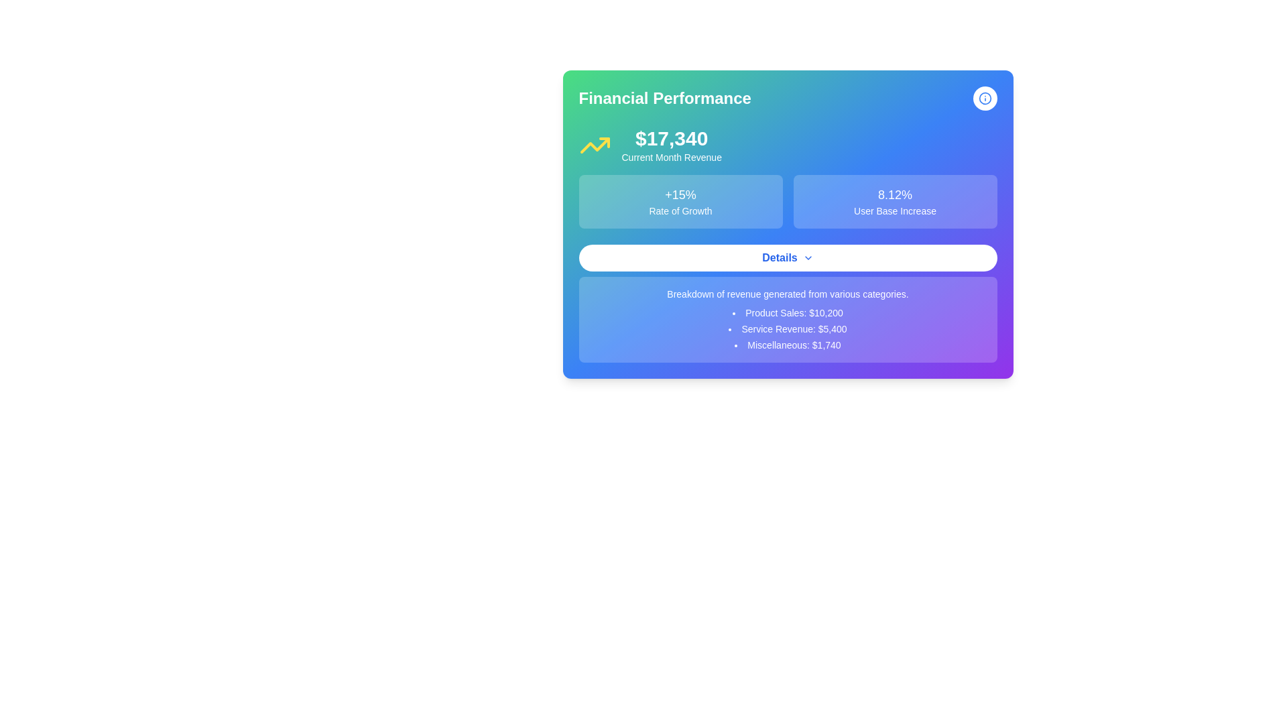  Describe the element at coordinates (672, 139) in the screenshot. I see `the text label displaying the current month's revenue, which is centered above the smaller text labeled 'Current Month Revenue' in the 'Financial Performance' card` at that location.